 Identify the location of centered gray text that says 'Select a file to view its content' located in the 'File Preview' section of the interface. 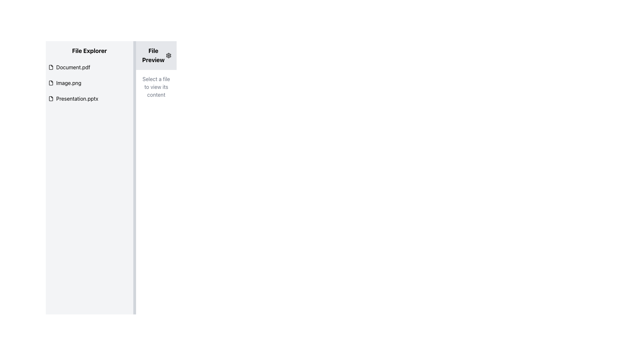
(156, 87).